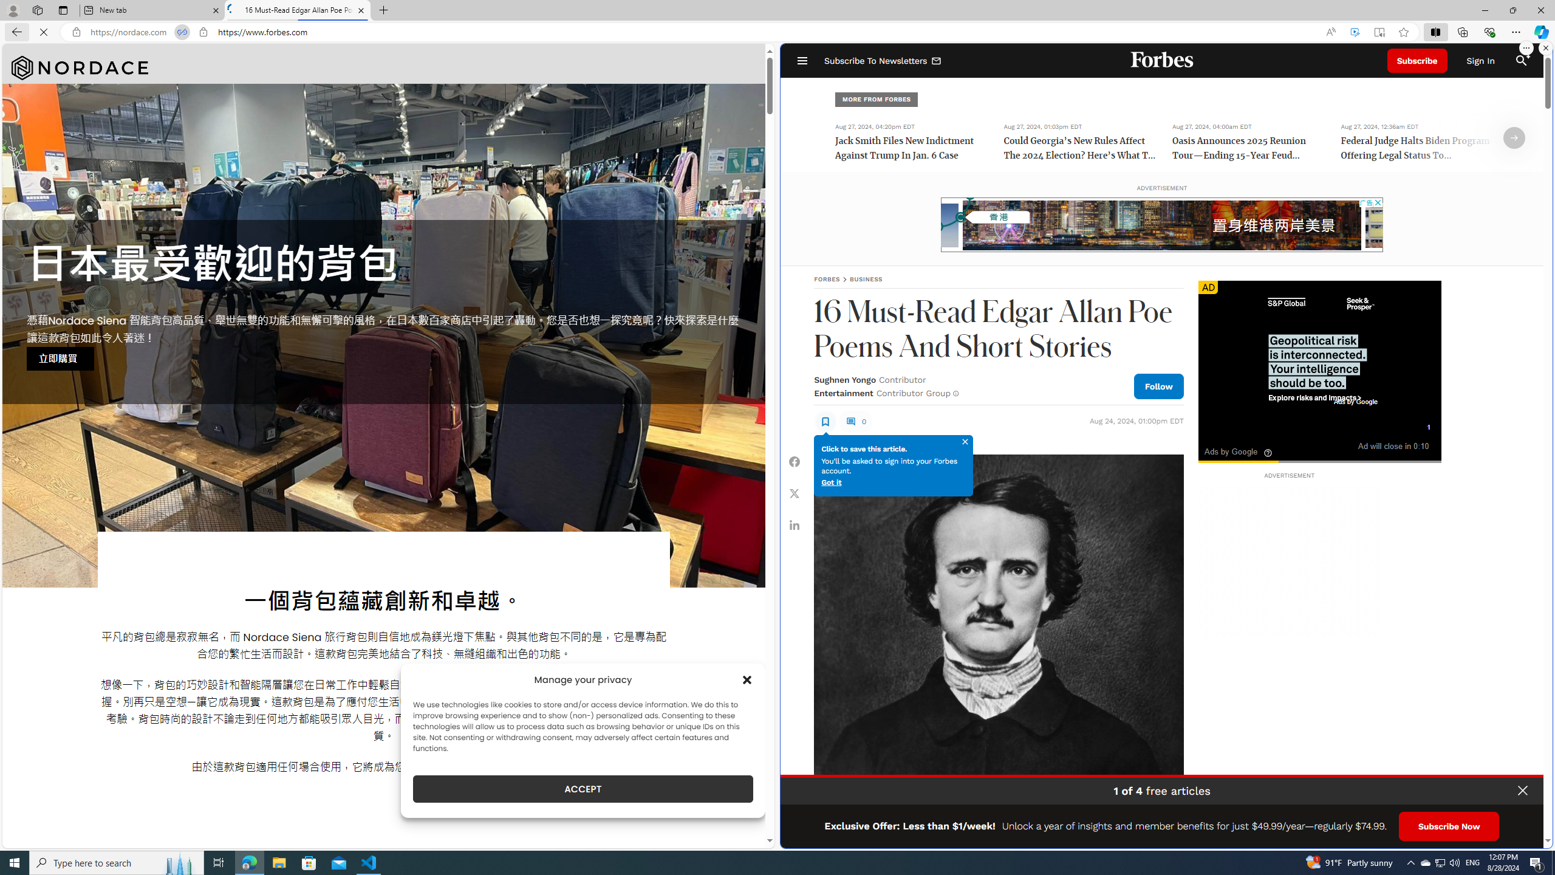  Describe the element at coordinates (827, 279) in the screenshot. I see `'FORBES'` at that location.